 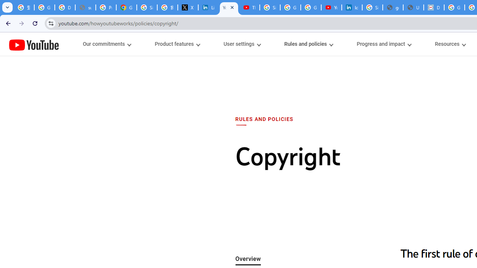 What do you see at coordinates (248, 259) in the screenshot?
I see `'Overview'` at bounding box center [248, 259].